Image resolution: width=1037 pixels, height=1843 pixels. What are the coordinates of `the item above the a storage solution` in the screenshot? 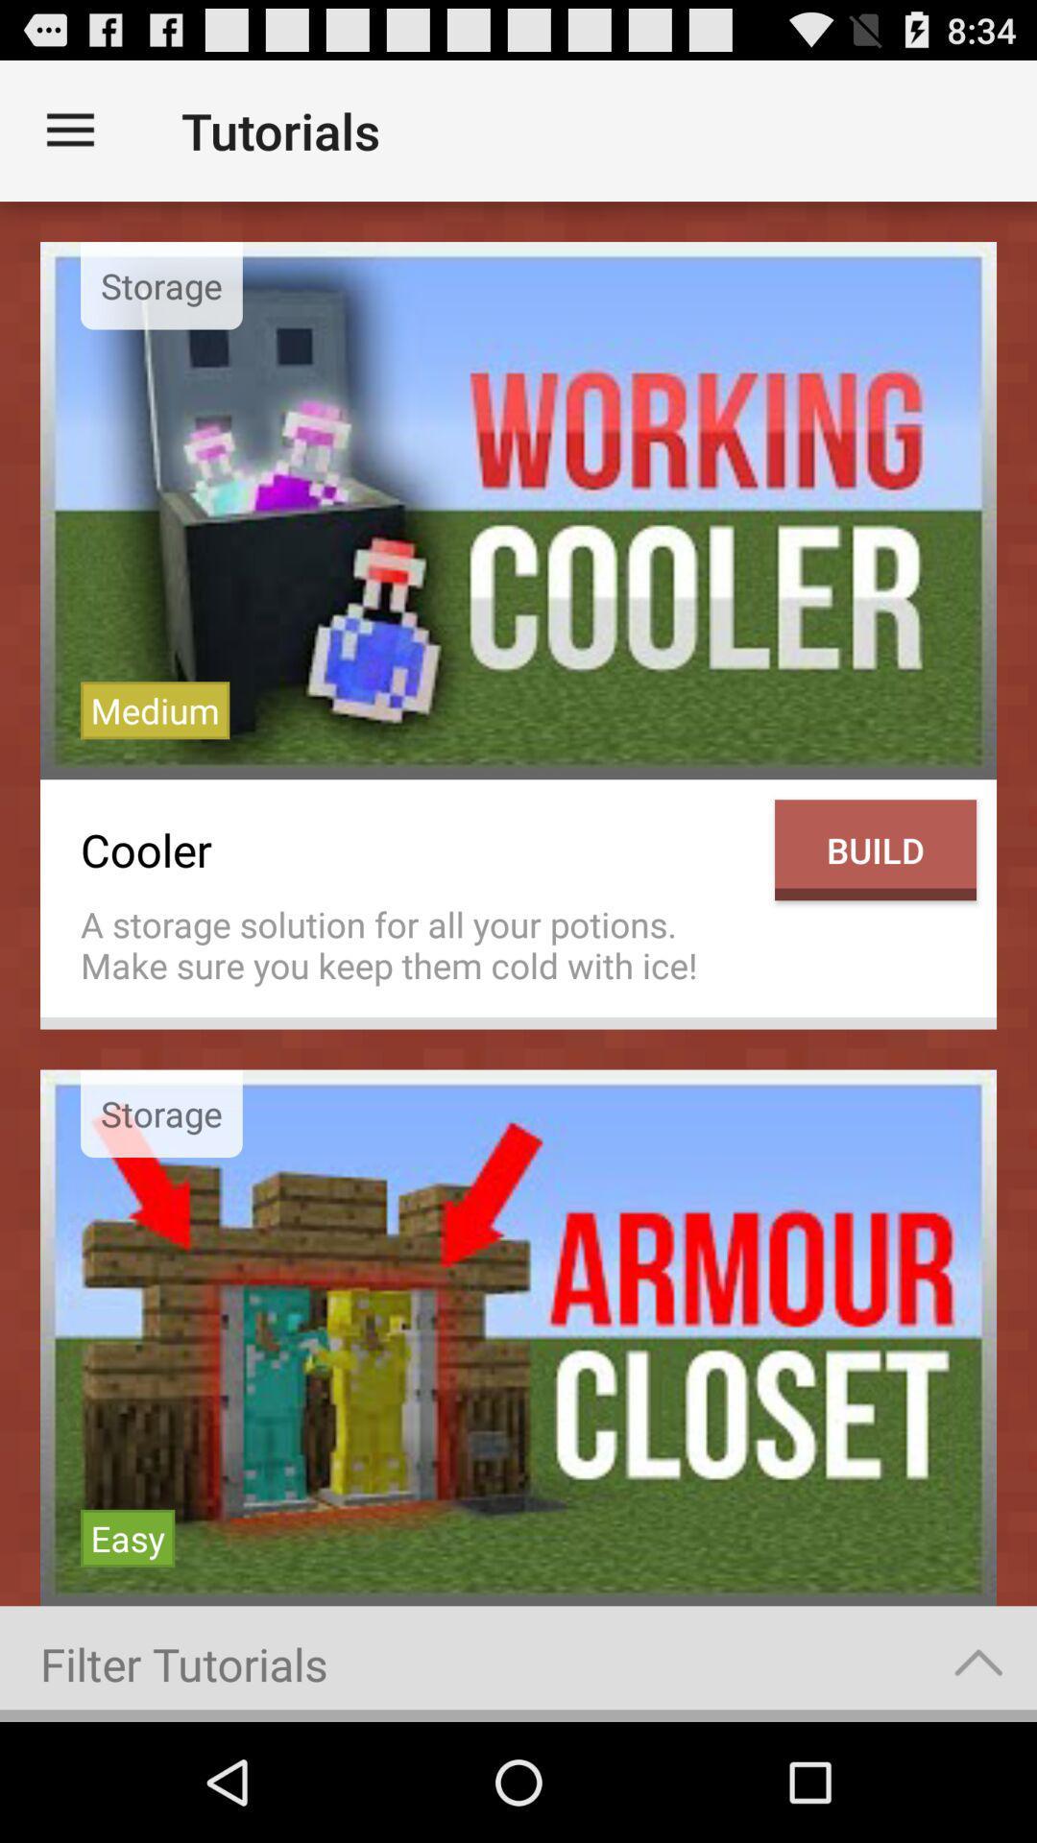 It's located at (417, 849).